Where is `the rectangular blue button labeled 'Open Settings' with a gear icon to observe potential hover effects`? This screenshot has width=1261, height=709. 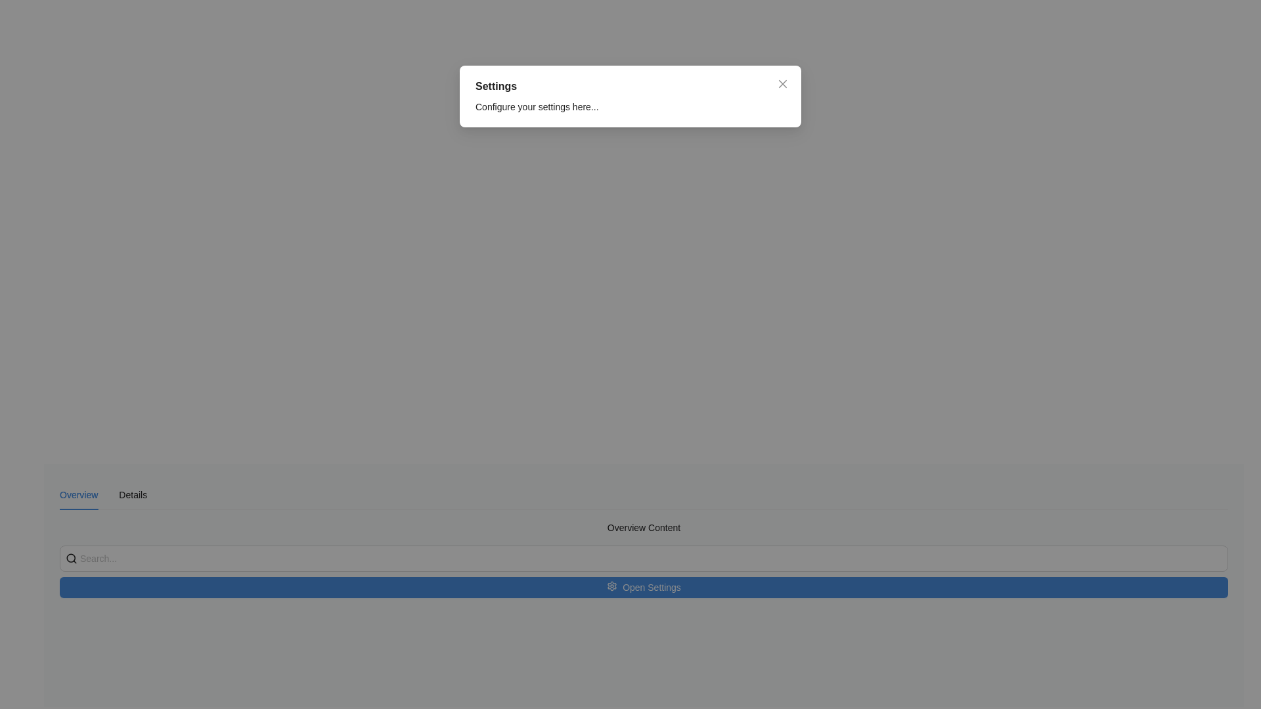 the rectangular blue button labeled 'Open Settings' with a gear icon to observe potential hover effects is located at coordinates (644, 571).